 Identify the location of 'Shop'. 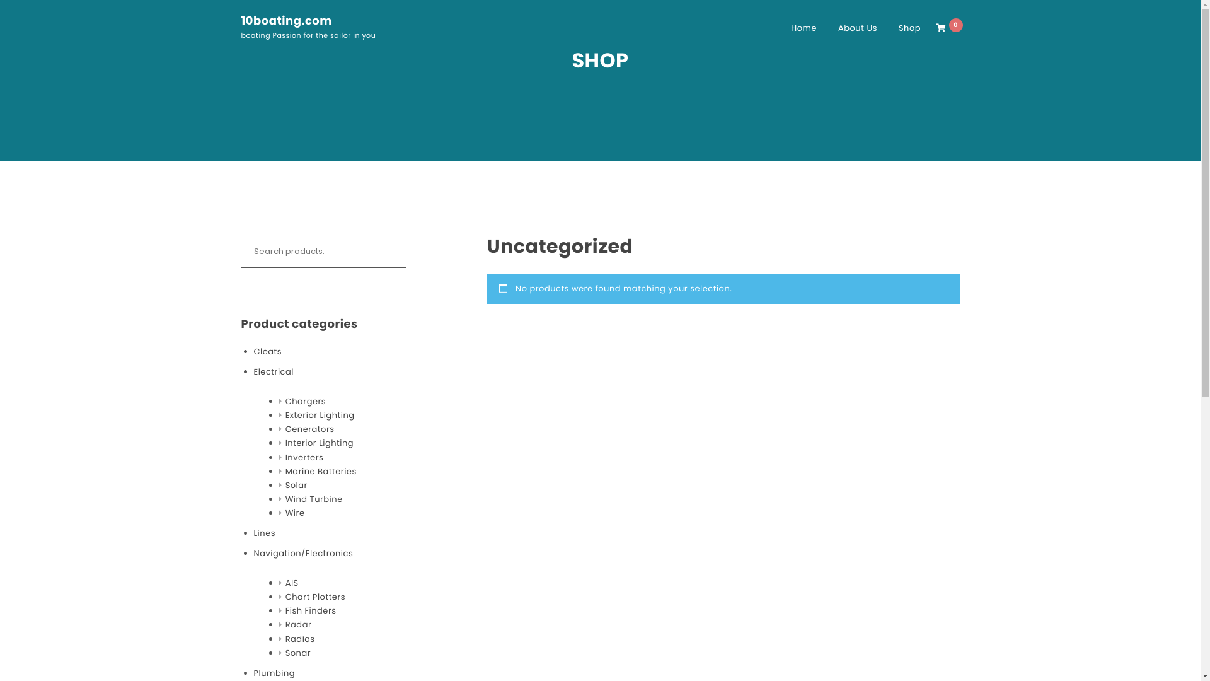
(909, 28).